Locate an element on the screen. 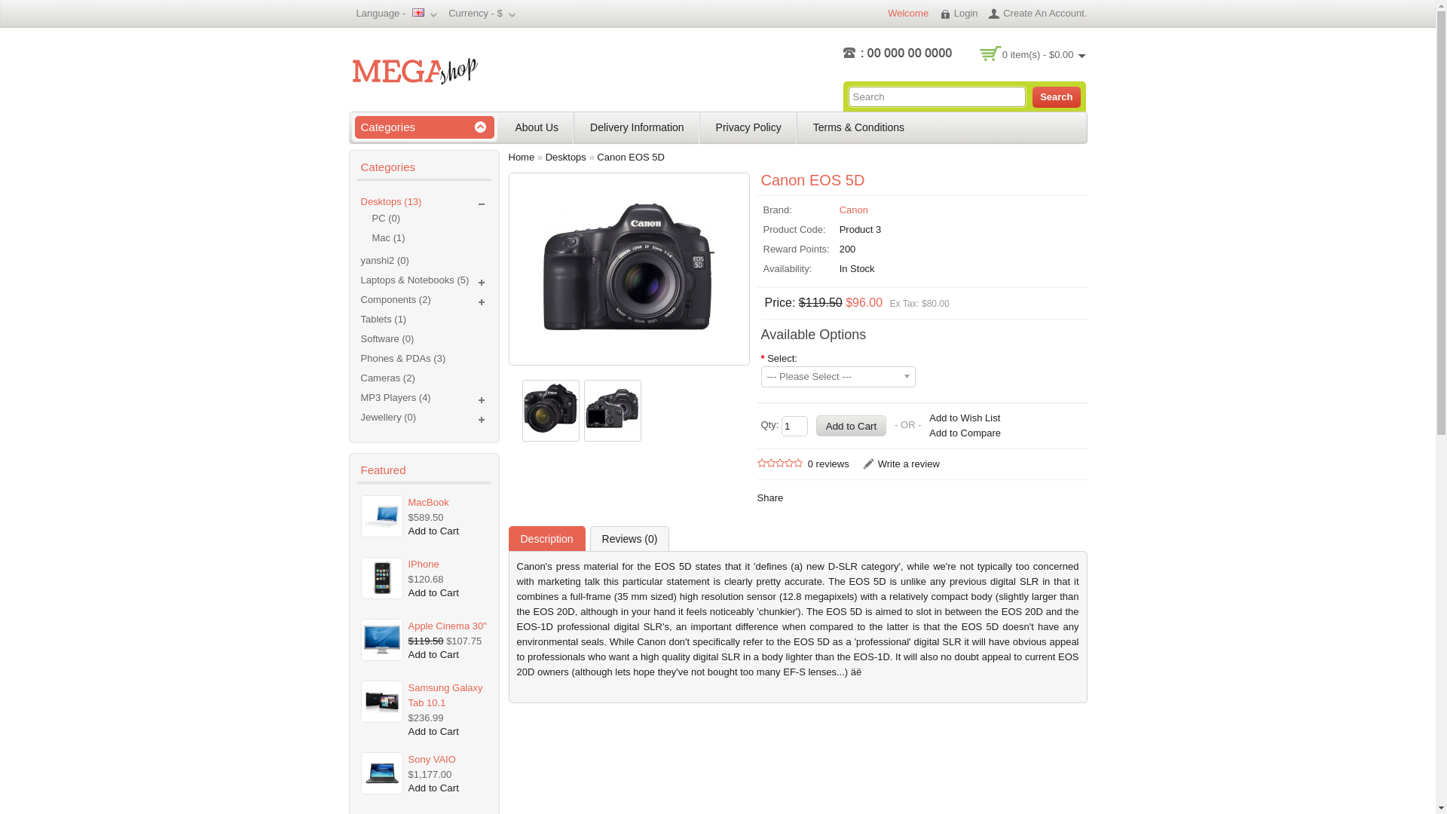 This screenshot has height=814, width=1447. 'Phones & PDAs (3)' is located at coordinates (402, 358).